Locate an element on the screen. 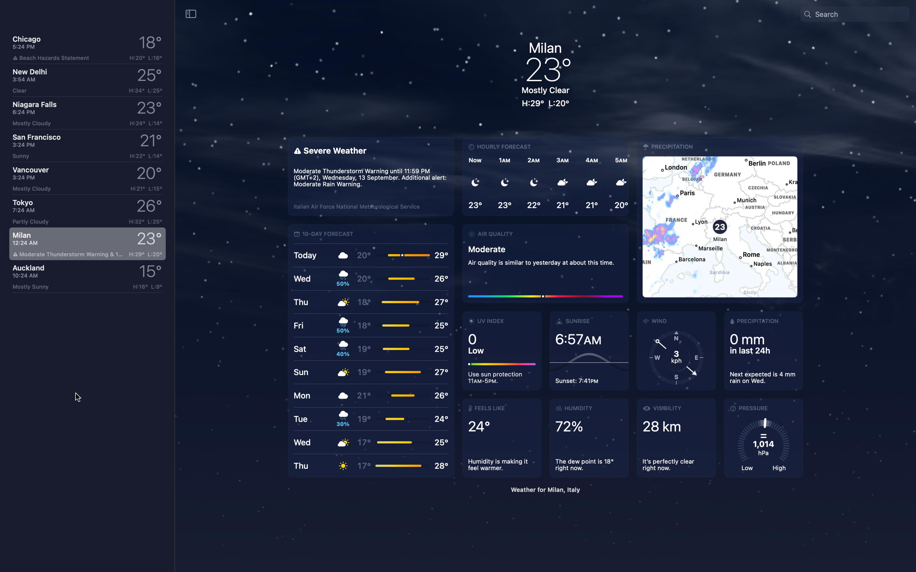 The image size is (916, 572). Verify the status of wind is located at coordinates (676, 350).